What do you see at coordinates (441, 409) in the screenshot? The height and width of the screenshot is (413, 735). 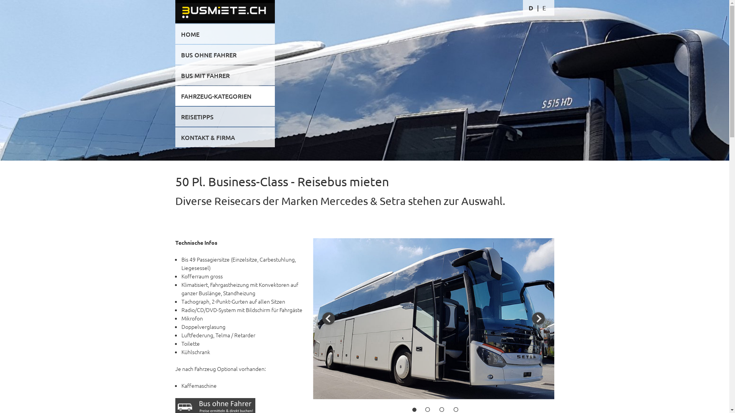 I see `'3'` at bounding box center [441, 409].